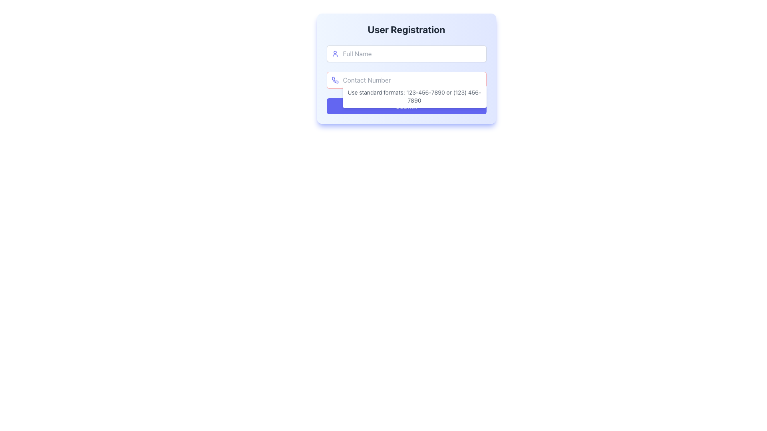 This screenshot has height=431, width=767. Describe the element at coordinates (414, 96) in the screenshot. I see `instructional tooltip displaying the text: 'Use standard formats: 123-456-7890 or (123) 456-7890', which is positioned directly below the 'Contact Number' text input field` at that location.